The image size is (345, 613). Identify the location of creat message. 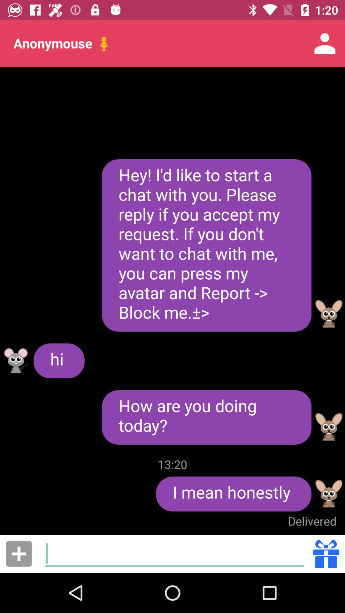
(174, 553).